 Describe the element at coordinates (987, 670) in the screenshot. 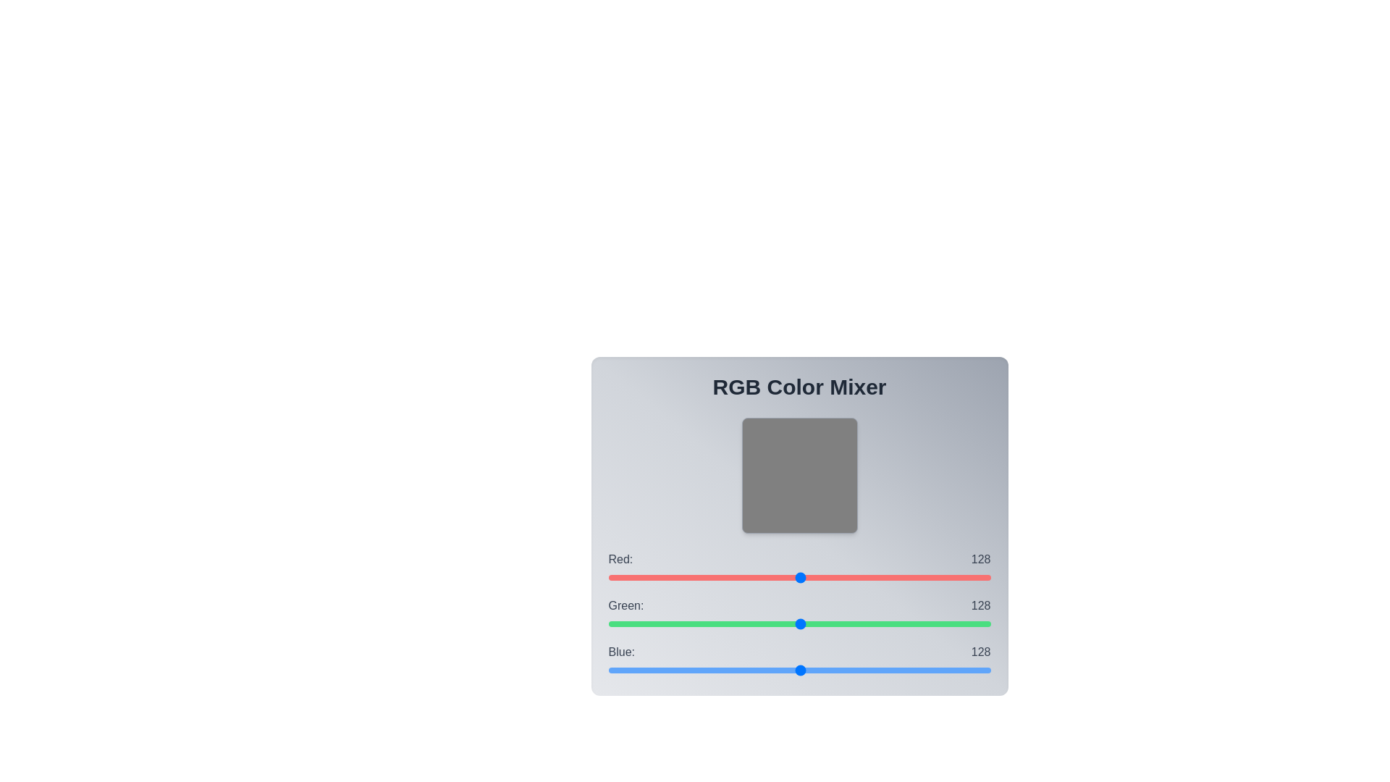

I see `the blue slider to set the blue value to 253` at that location.